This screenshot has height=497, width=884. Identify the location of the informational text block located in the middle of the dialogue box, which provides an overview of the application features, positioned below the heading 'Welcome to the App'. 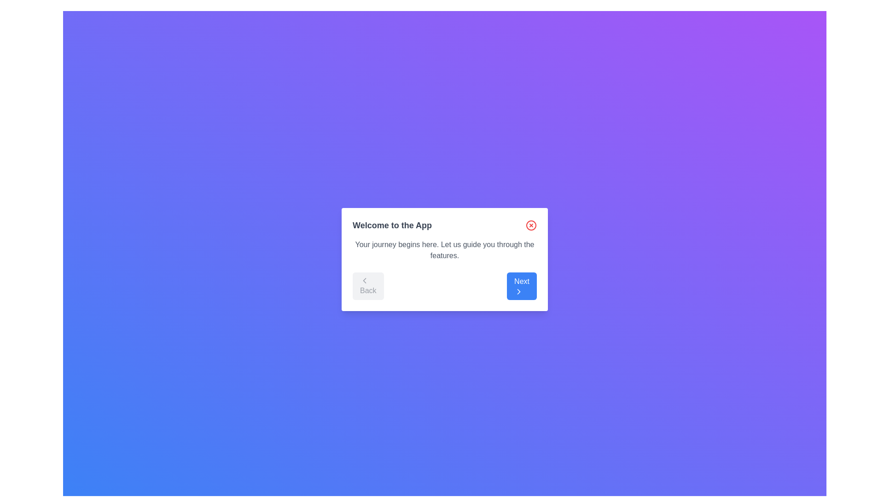
(444, 250).